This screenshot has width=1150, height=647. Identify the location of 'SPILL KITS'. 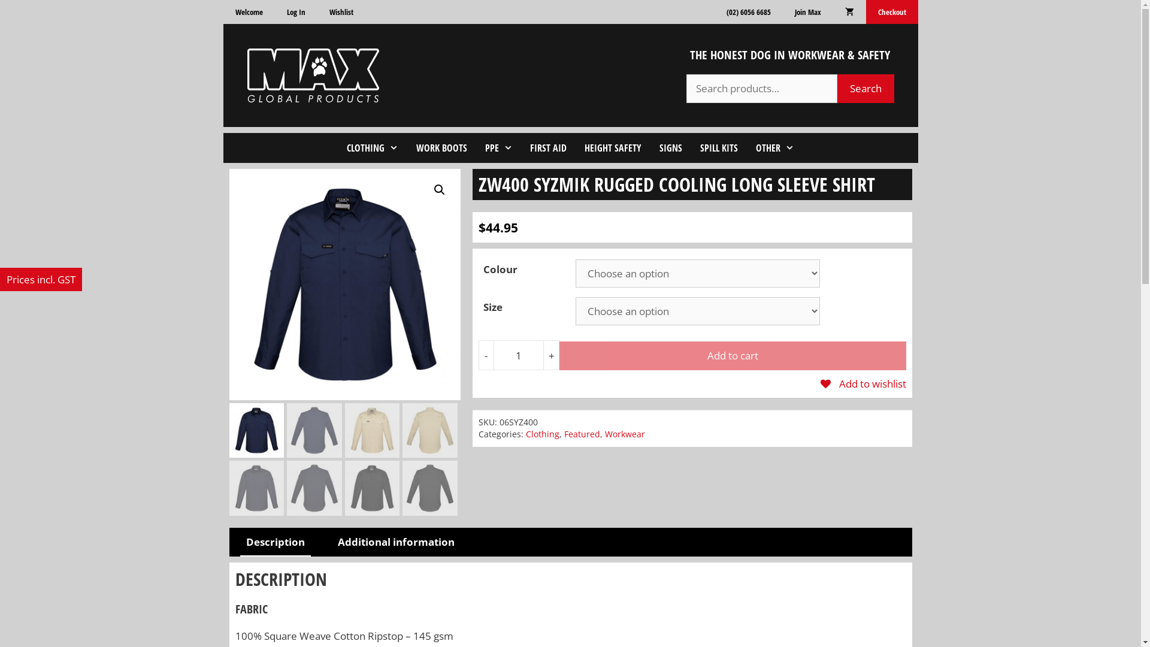
(719, 147).